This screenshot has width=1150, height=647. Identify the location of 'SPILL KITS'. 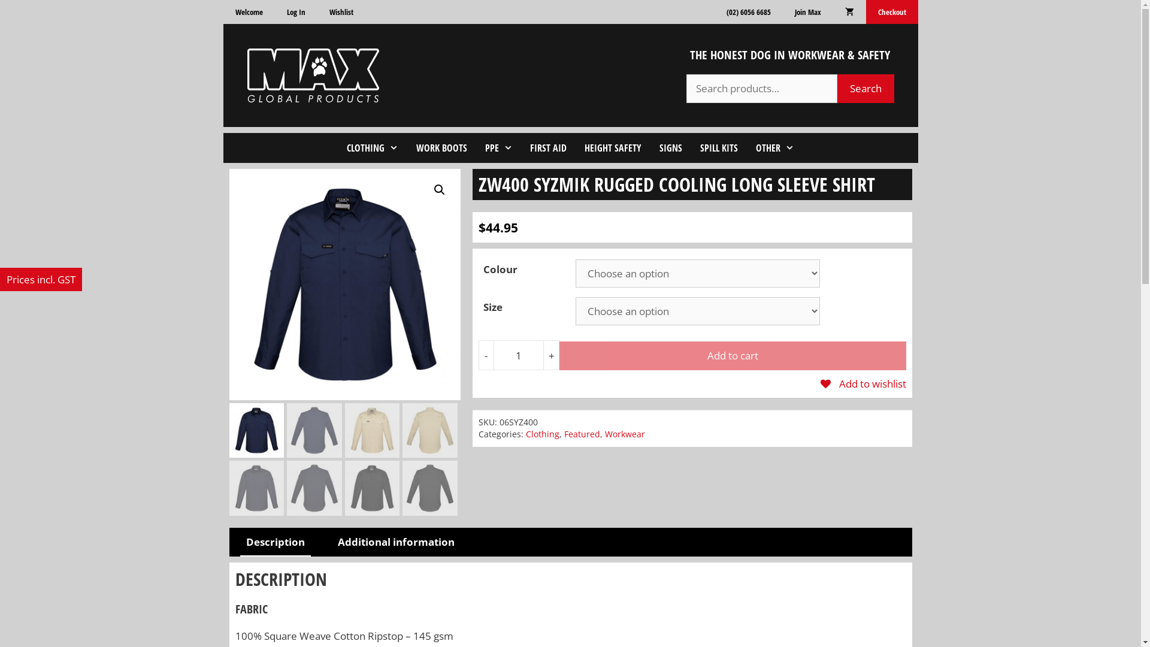
(719, 147).